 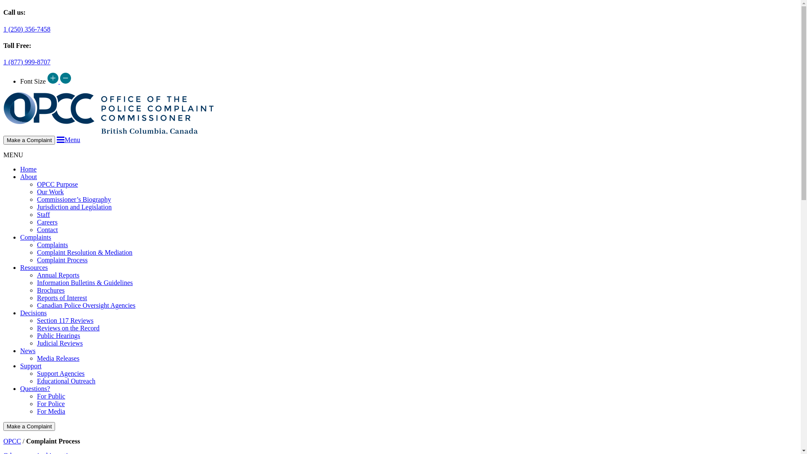 I want to click on 'Reviews on the Record', so click(x=68, y=327).